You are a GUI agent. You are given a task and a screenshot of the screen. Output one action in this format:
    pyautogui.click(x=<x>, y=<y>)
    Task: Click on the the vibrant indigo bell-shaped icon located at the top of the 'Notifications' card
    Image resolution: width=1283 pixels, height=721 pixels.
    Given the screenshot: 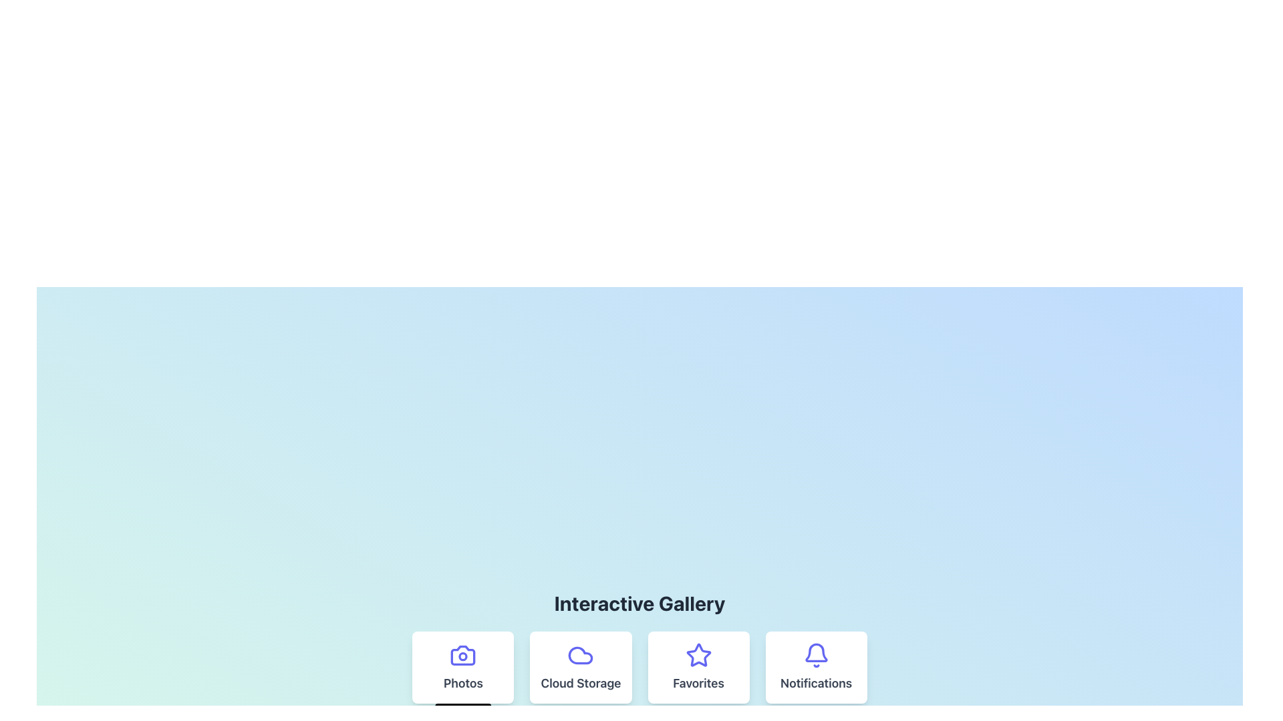 What is the action you would take?
    pyautogui.click(x=815, y=655)
    